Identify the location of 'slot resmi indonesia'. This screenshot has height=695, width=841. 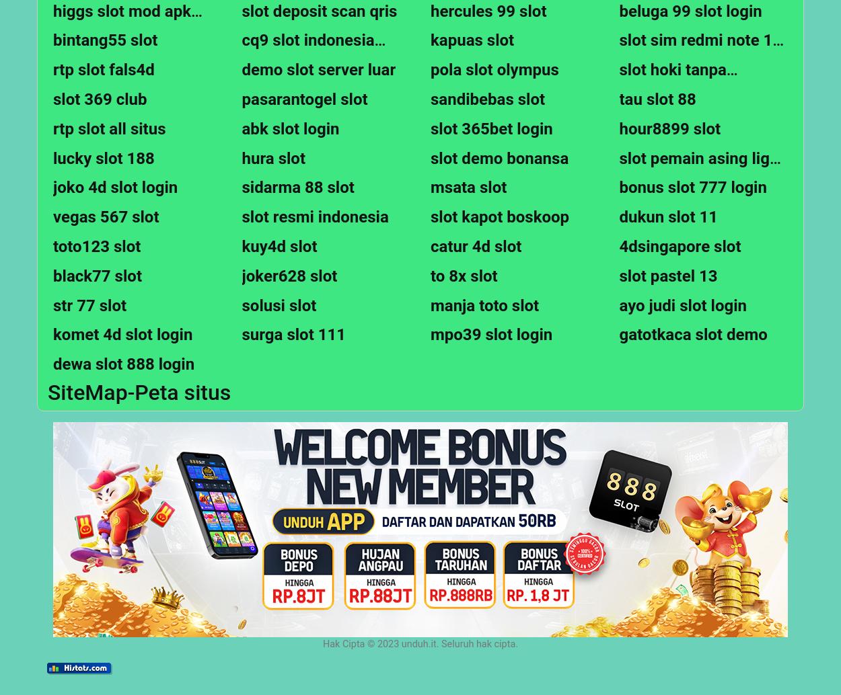
(314, 216).